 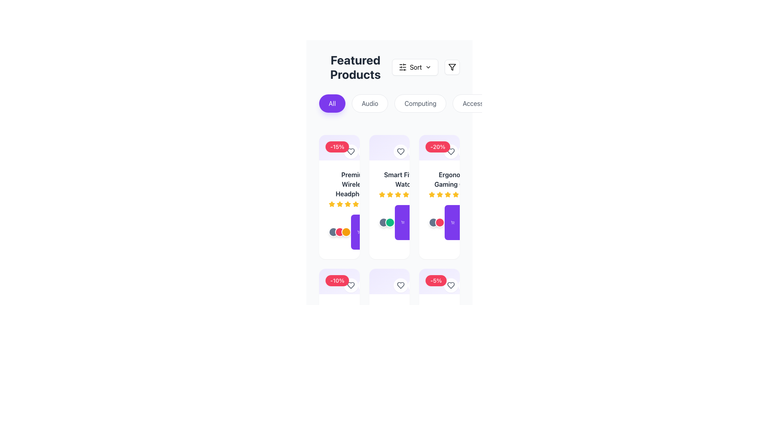 I want to click on the circular interactive button for selecting a color variant, located in the third product card below the product description and rating for 'Ergonomic Gaming Chair', so click(x=439, y=223).